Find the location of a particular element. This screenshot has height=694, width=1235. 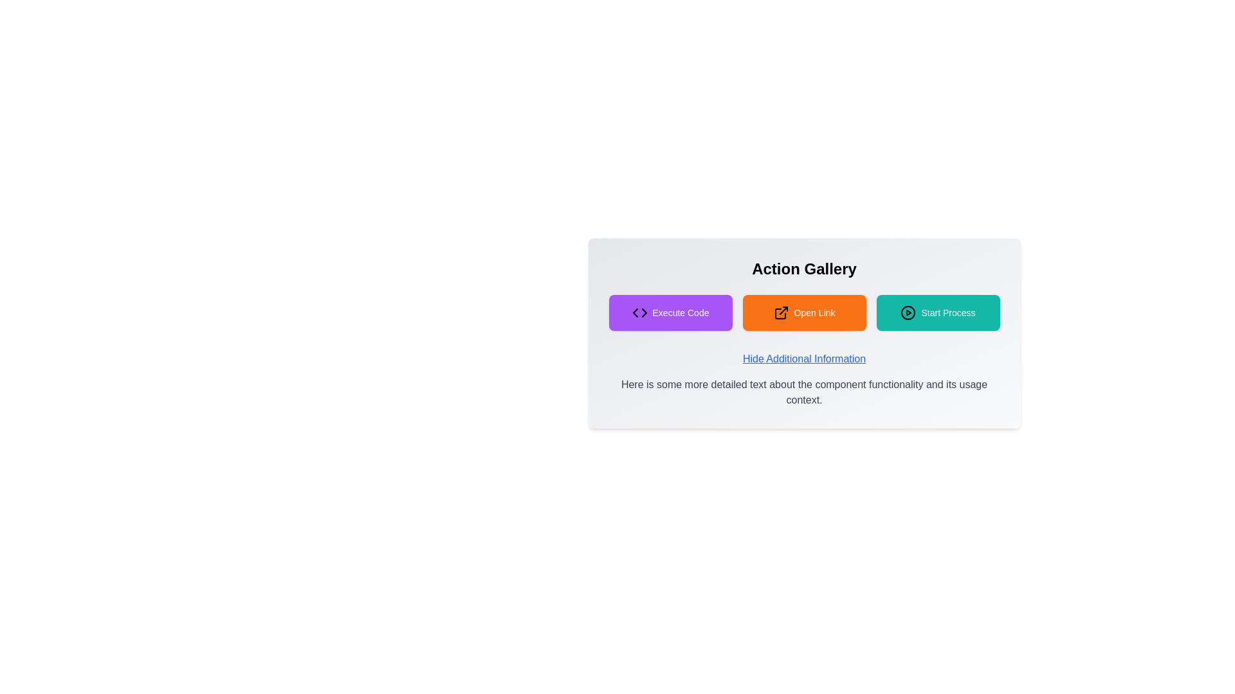

coding icon located within the 'Execute Code' button in the Action Gallery for further details is located at coordinates (639, 312).